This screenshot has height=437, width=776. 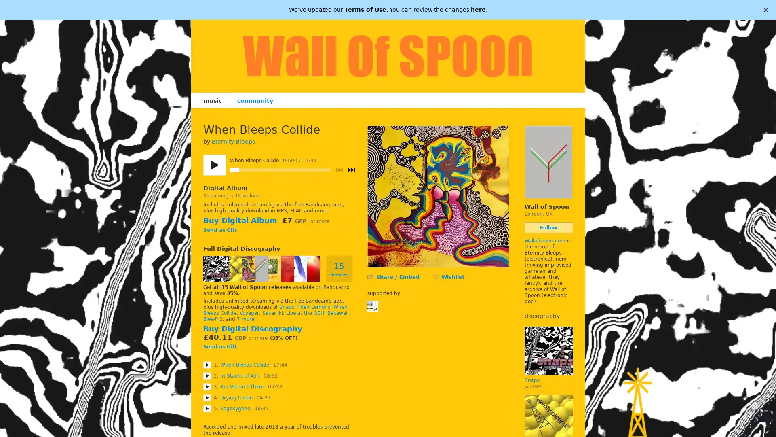 I want to click on Buy Digital Discography, so click(x=252, y=329).